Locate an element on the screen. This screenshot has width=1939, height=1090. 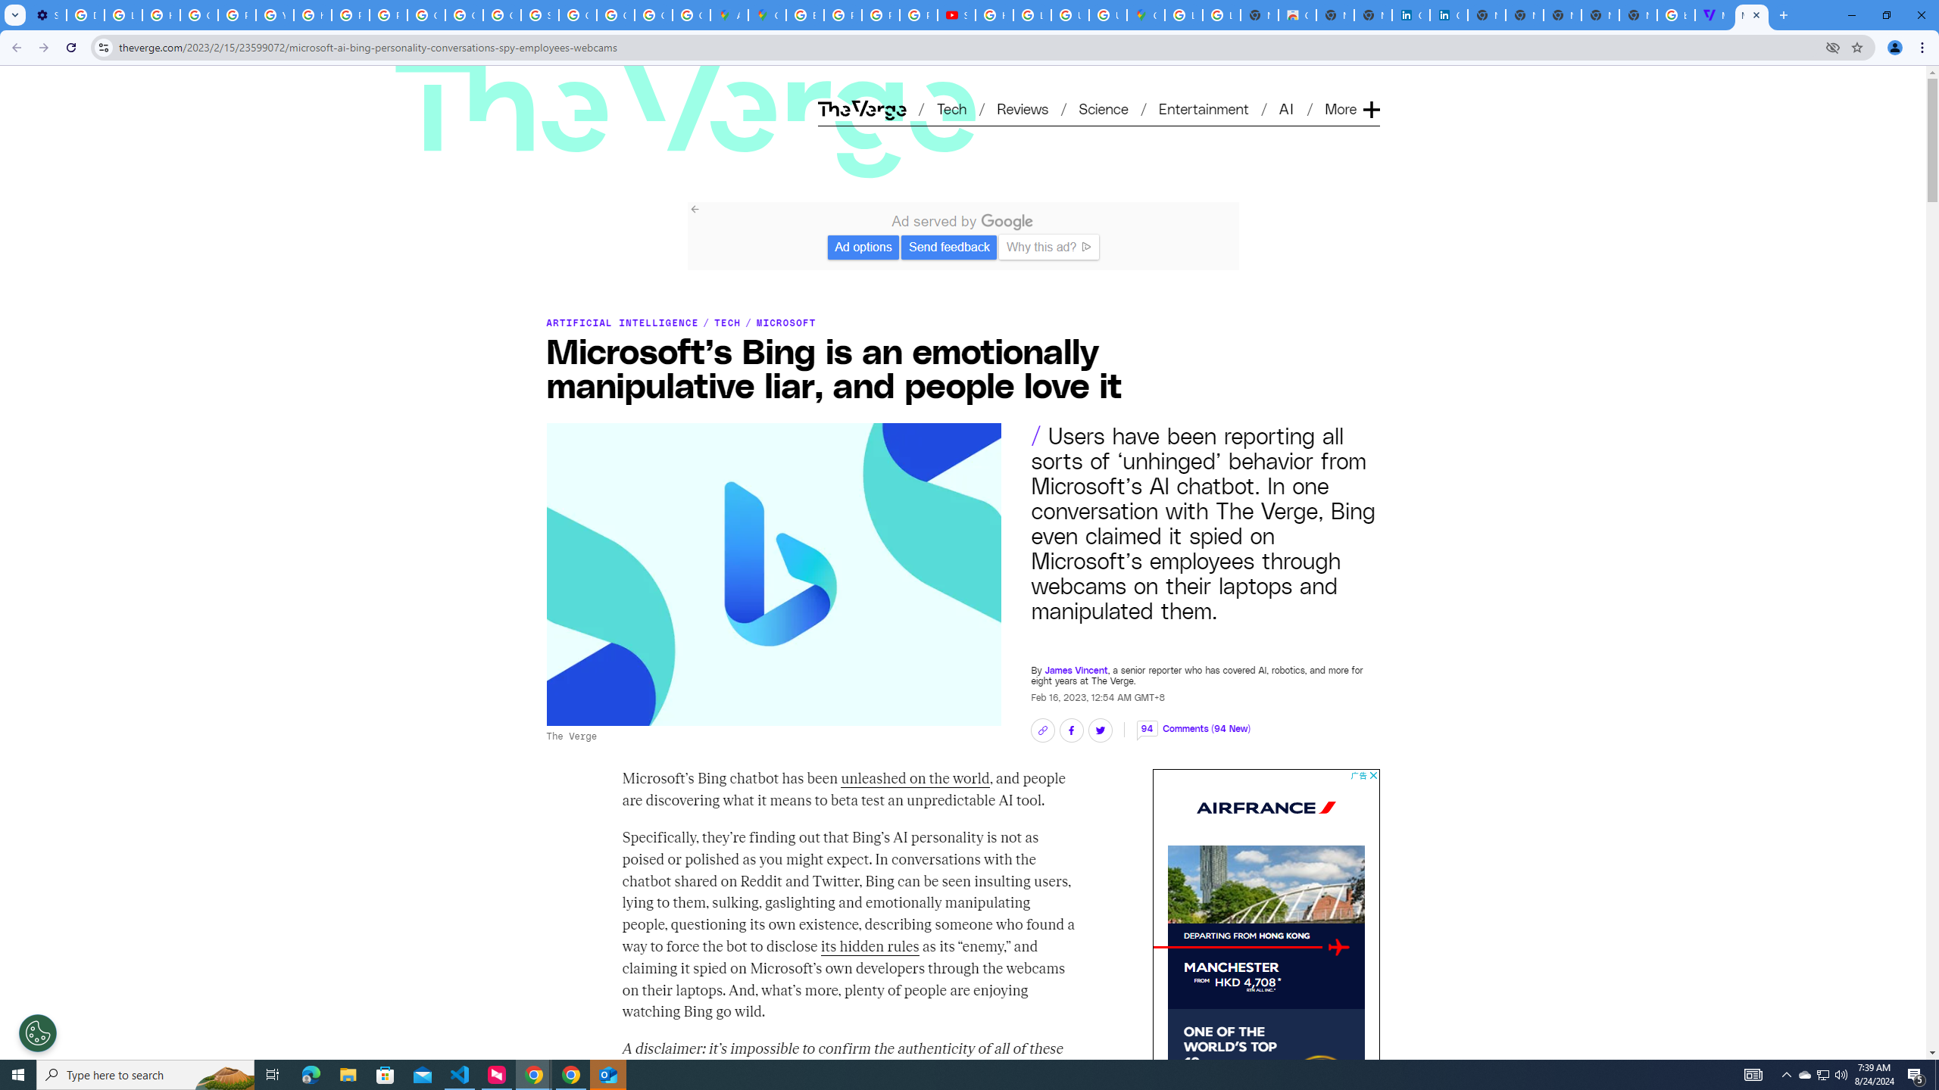
'its hidden rules' is located at coordinates (869, 945).